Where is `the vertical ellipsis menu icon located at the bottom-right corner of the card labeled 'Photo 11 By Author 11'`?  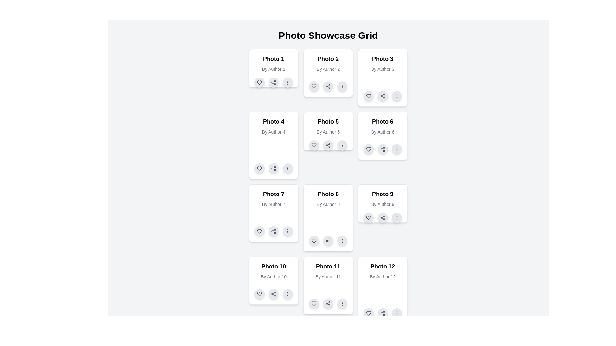 the vertical ellipsis menu icon located at the bottom-right corner of the card labeled 'Photo 11 By Author 11' is located at coordinates (342, 303).